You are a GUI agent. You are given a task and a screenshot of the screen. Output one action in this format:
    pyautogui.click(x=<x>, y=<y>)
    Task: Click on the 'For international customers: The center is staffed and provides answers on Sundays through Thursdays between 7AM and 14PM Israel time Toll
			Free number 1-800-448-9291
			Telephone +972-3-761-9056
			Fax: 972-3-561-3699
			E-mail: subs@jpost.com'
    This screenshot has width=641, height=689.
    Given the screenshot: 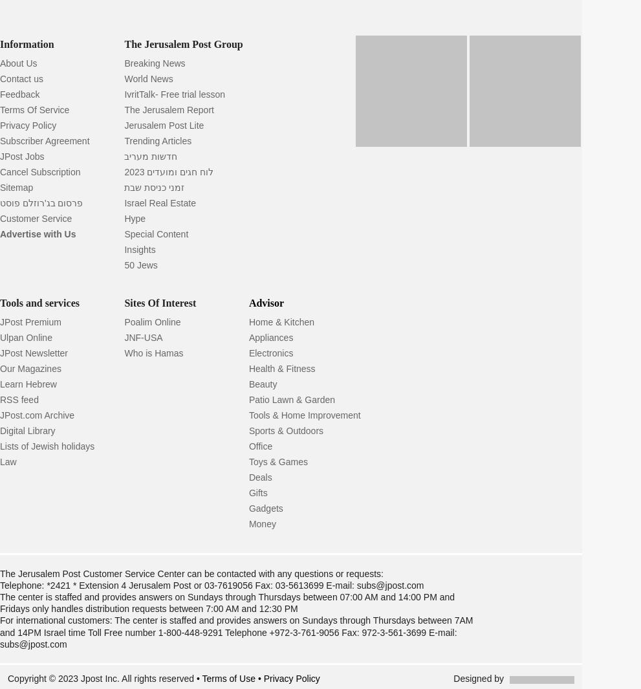 What is the action you would take?
    pyautogui.click(x=235, y=632)
    